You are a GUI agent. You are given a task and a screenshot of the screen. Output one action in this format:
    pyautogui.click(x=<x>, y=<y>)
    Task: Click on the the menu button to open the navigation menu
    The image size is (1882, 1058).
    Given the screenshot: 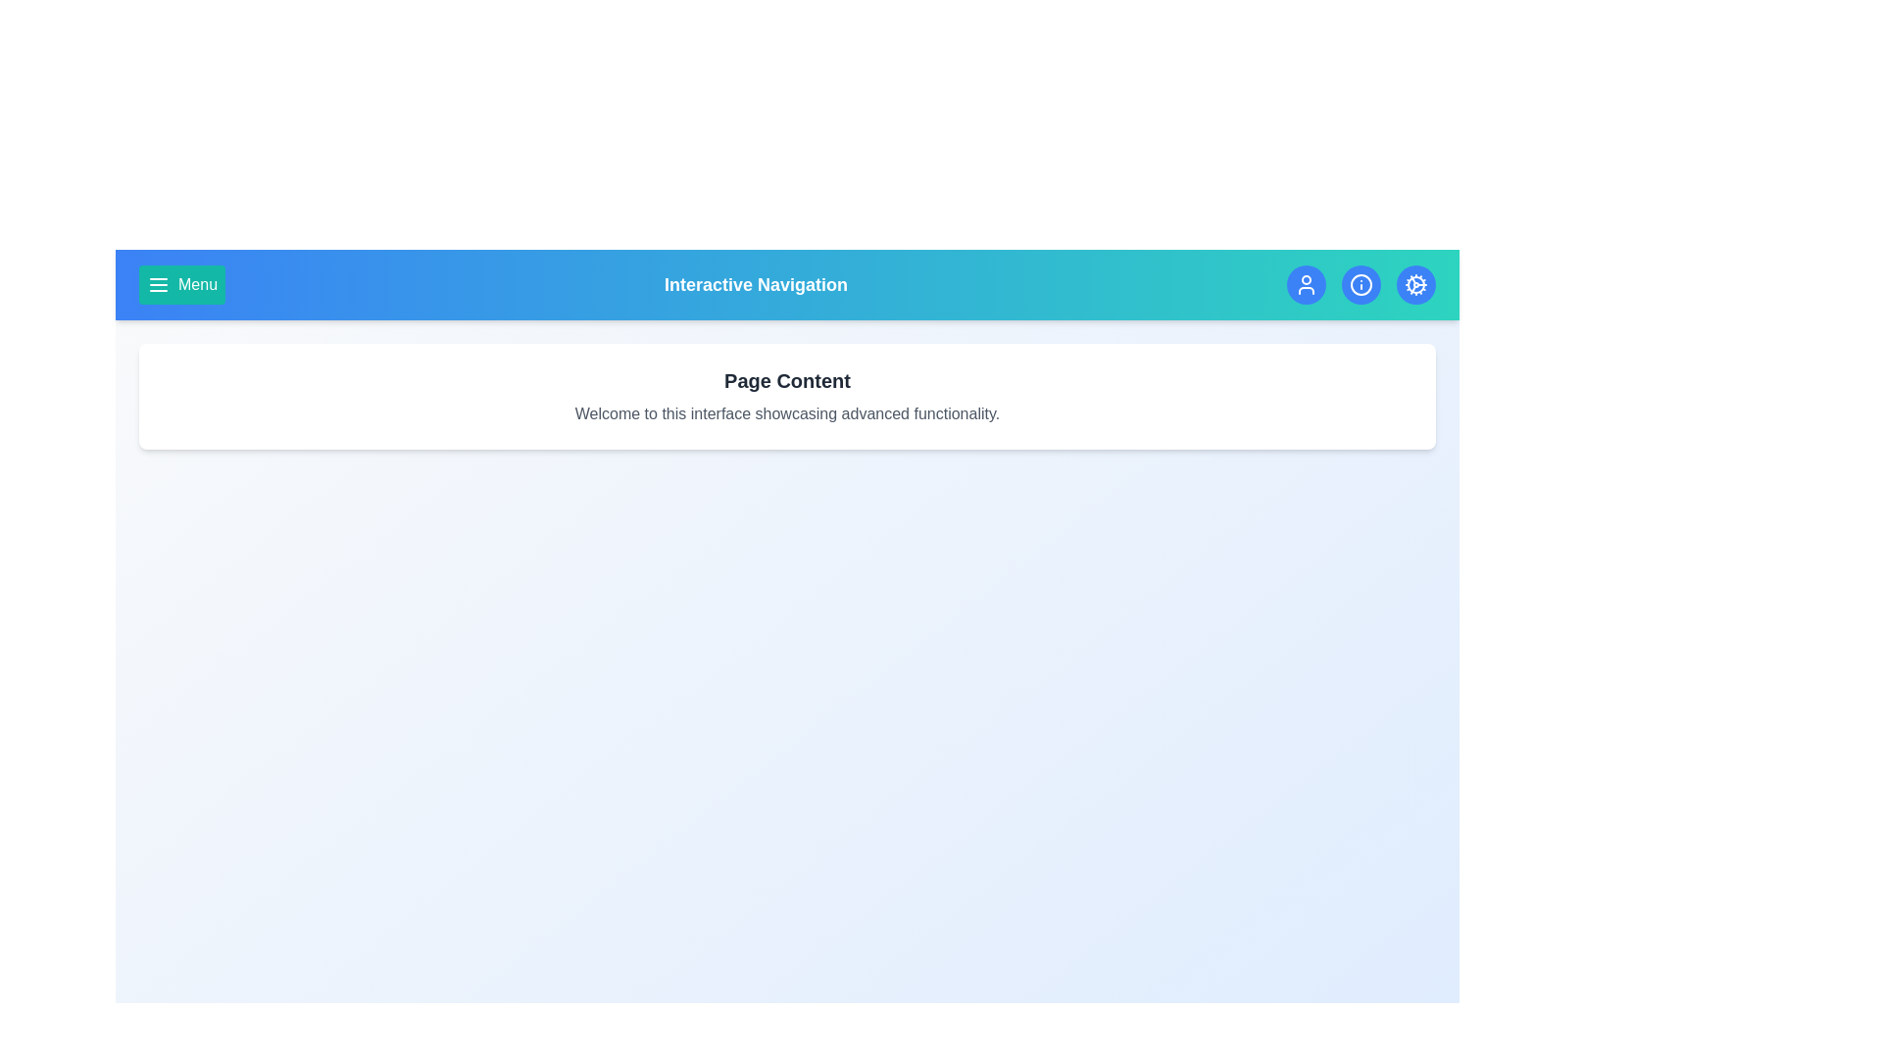 What is the action you would take?
    pyautogui.click(x=182, y=284)
    